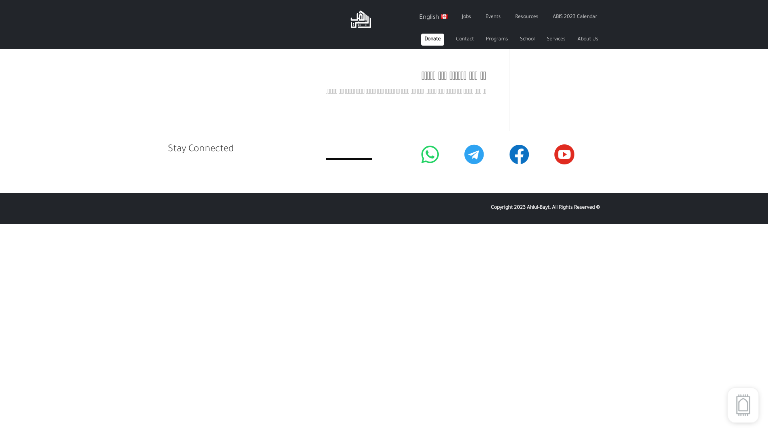 This screenshot has height=432, width=768. Describe the element at coordinates (527, 40) in the screenshot. I see `'School'` at that location.